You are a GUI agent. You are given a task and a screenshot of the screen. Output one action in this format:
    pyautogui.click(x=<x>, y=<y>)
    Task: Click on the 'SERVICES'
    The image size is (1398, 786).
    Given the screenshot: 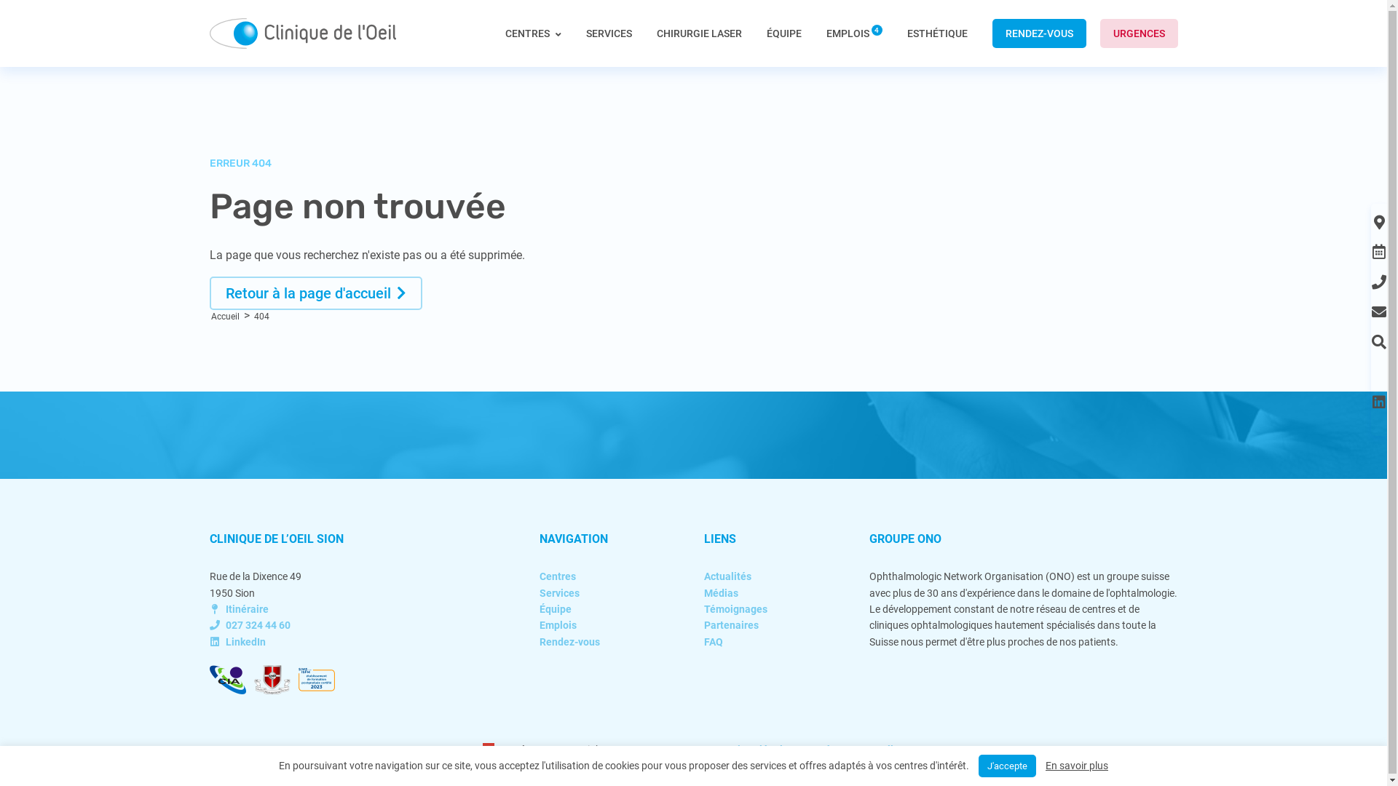 What is the action you would take?
    pyautogui.click(x=608, y=33)
    